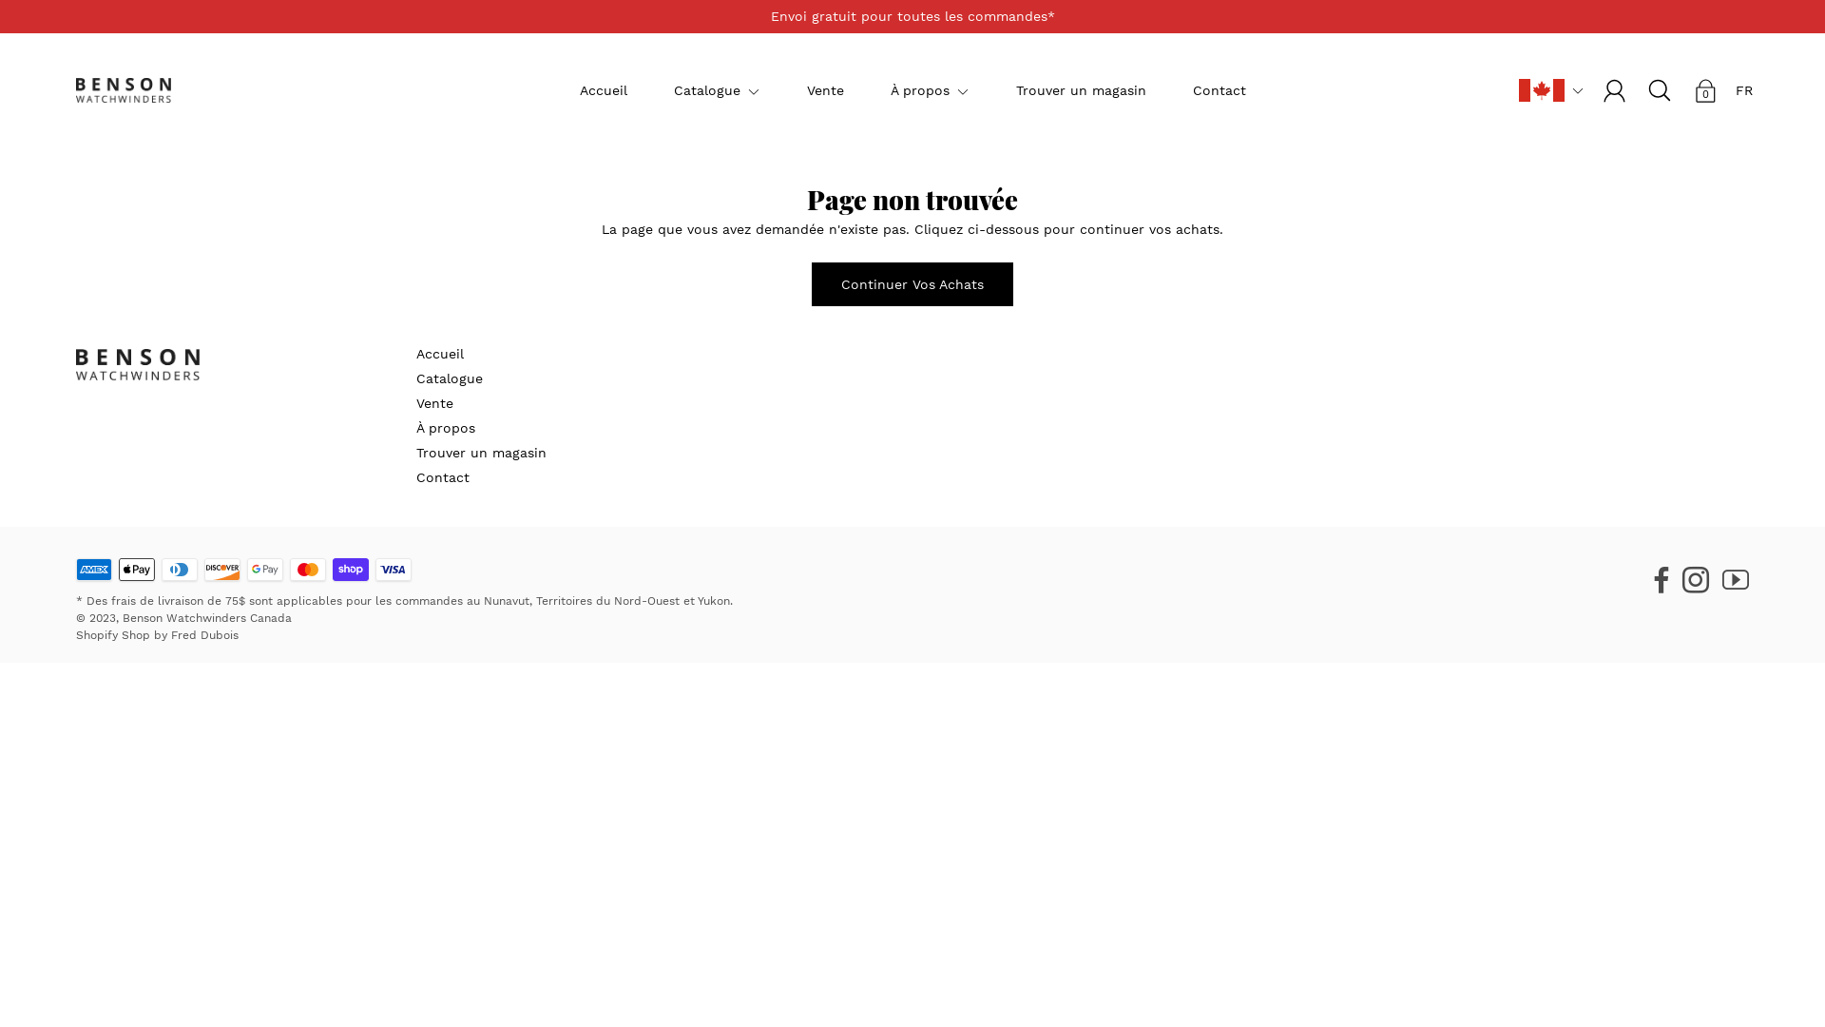 The height and width of the screenshot is (1027, 1825). What do you see at coordinates (1705, 90) in the screenshot?
I see `'0'` at bounding box center [1705, 90].